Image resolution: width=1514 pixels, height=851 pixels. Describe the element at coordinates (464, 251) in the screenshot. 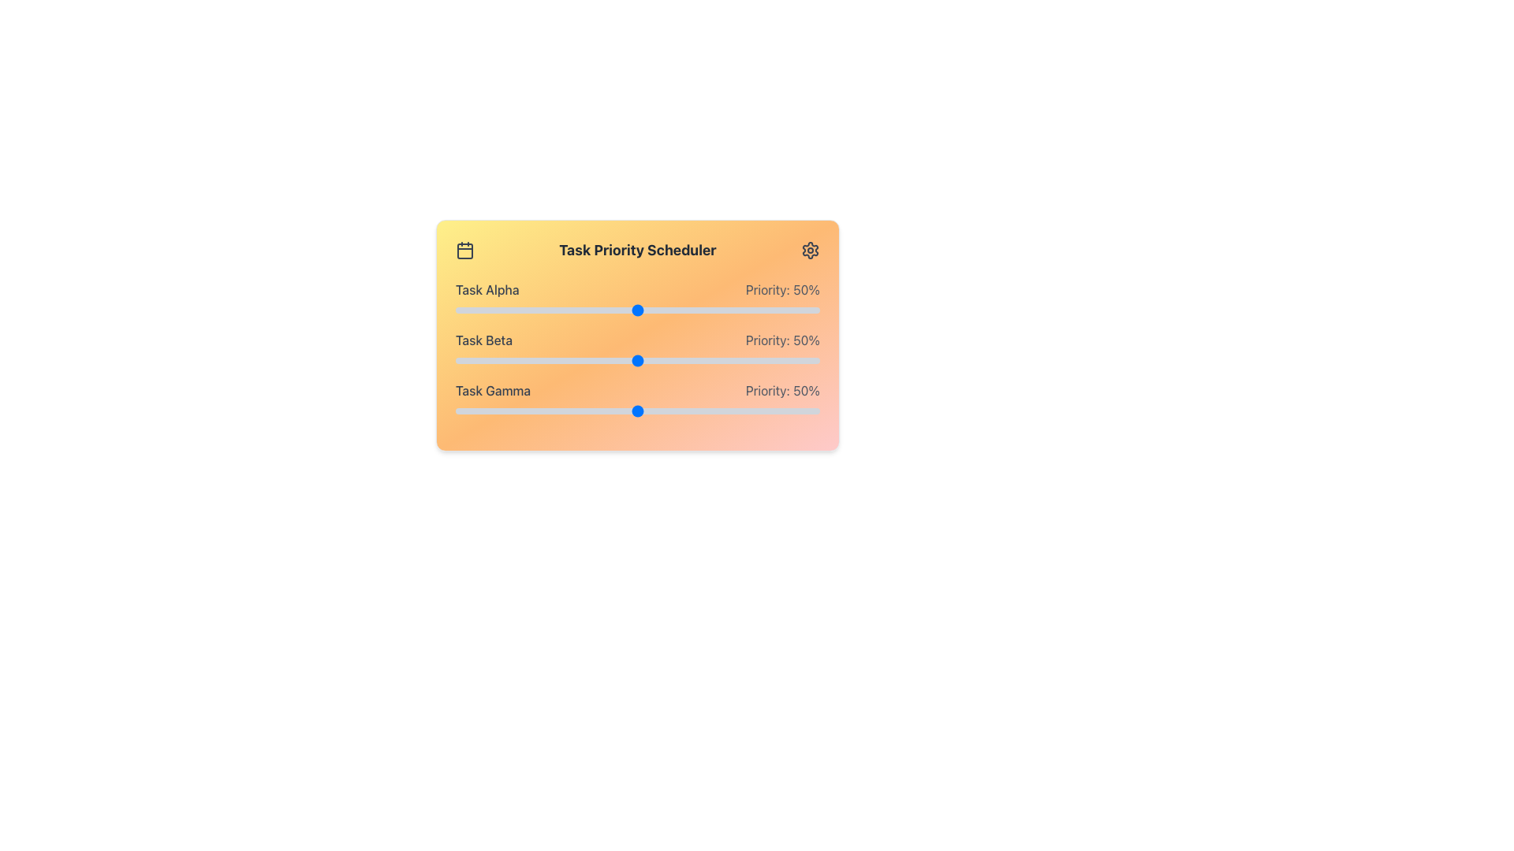

I see `the central content area of the calendar icon, which is a decorative rectangle with slightly rounded corners and a distinct background color` at that location.